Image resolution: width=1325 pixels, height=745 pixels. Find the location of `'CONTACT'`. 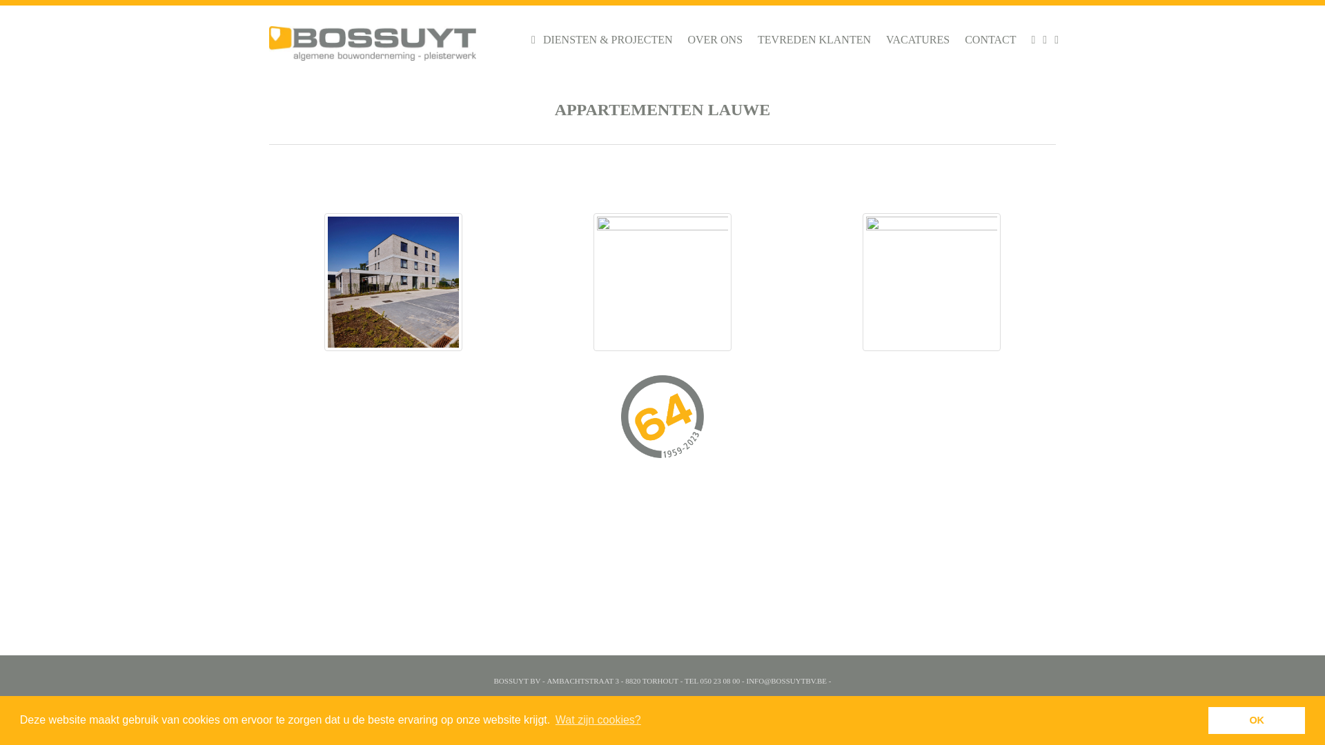

'CONTACT' is located at coordinates (990, 39).